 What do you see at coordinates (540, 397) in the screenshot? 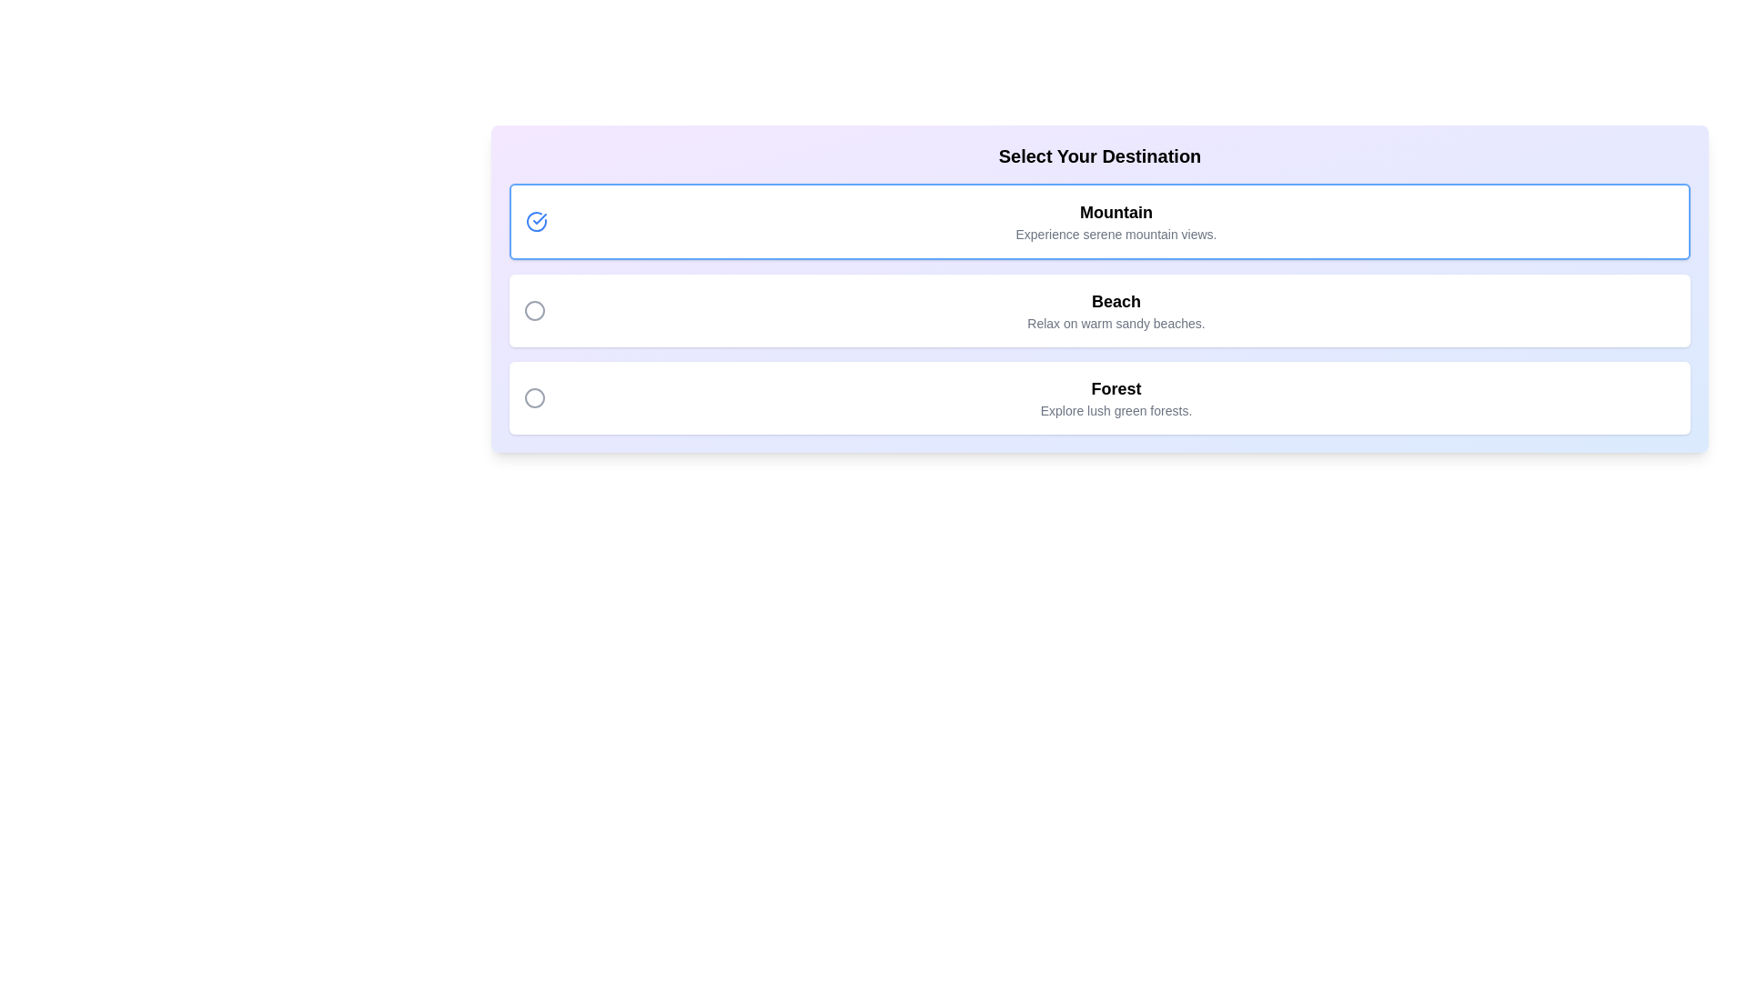
I see `on the radio button icon for 'Forest'` at bounding box center [540, 397].